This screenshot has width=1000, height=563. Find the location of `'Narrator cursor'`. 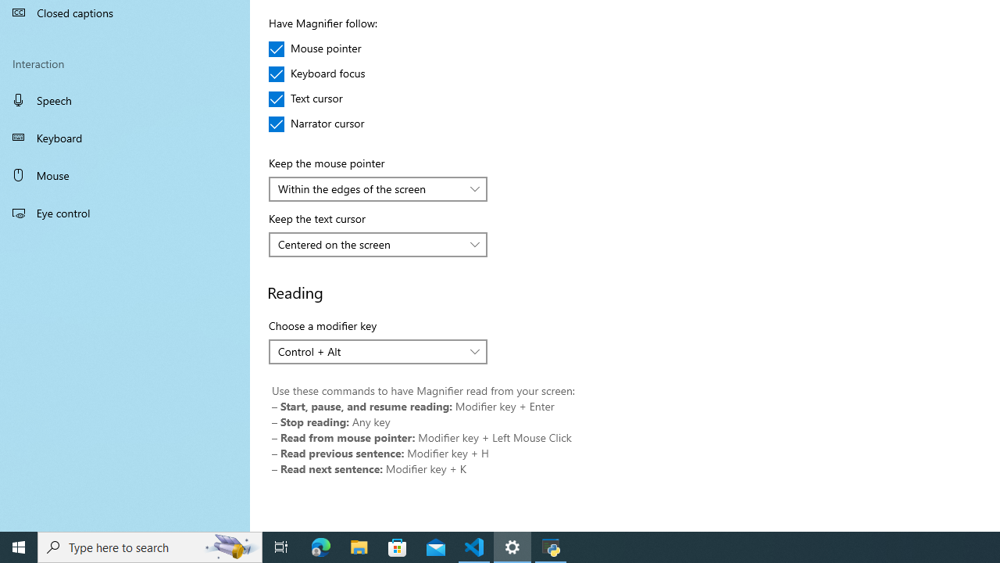

'Narrator cursor' is located at coordinates (316, 124).